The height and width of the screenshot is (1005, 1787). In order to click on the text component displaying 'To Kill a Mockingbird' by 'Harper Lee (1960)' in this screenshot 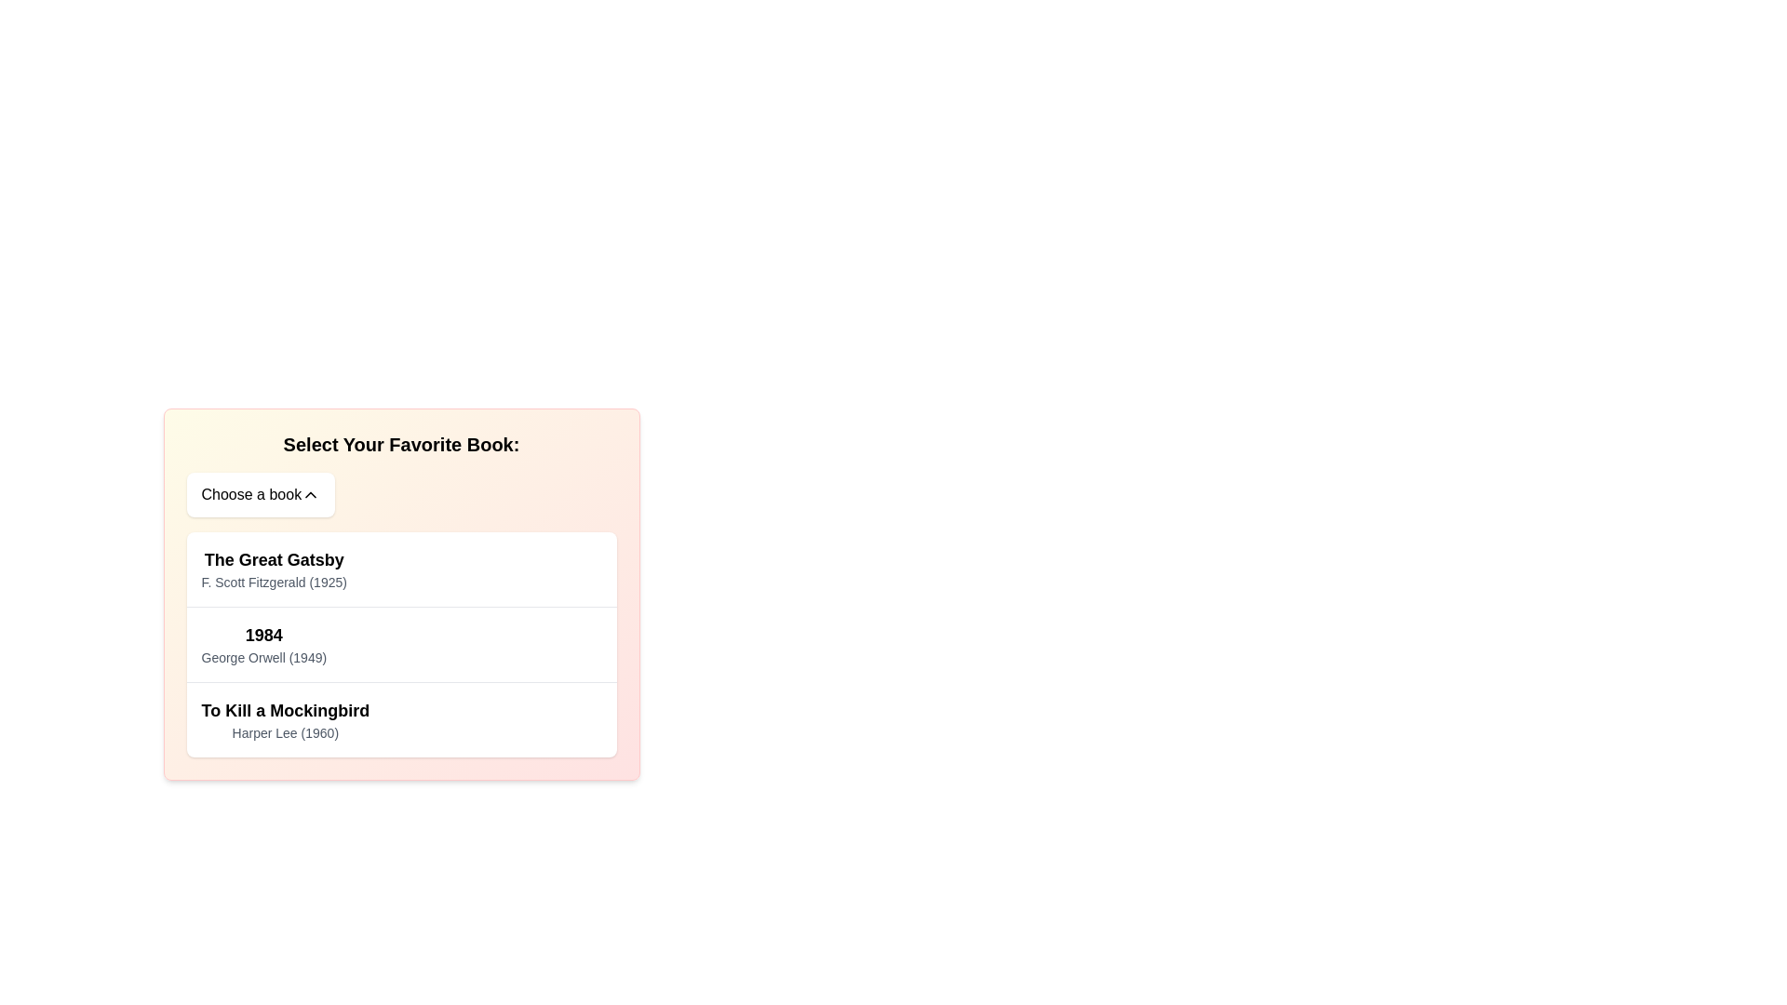, I will do `click(284, 719)`.